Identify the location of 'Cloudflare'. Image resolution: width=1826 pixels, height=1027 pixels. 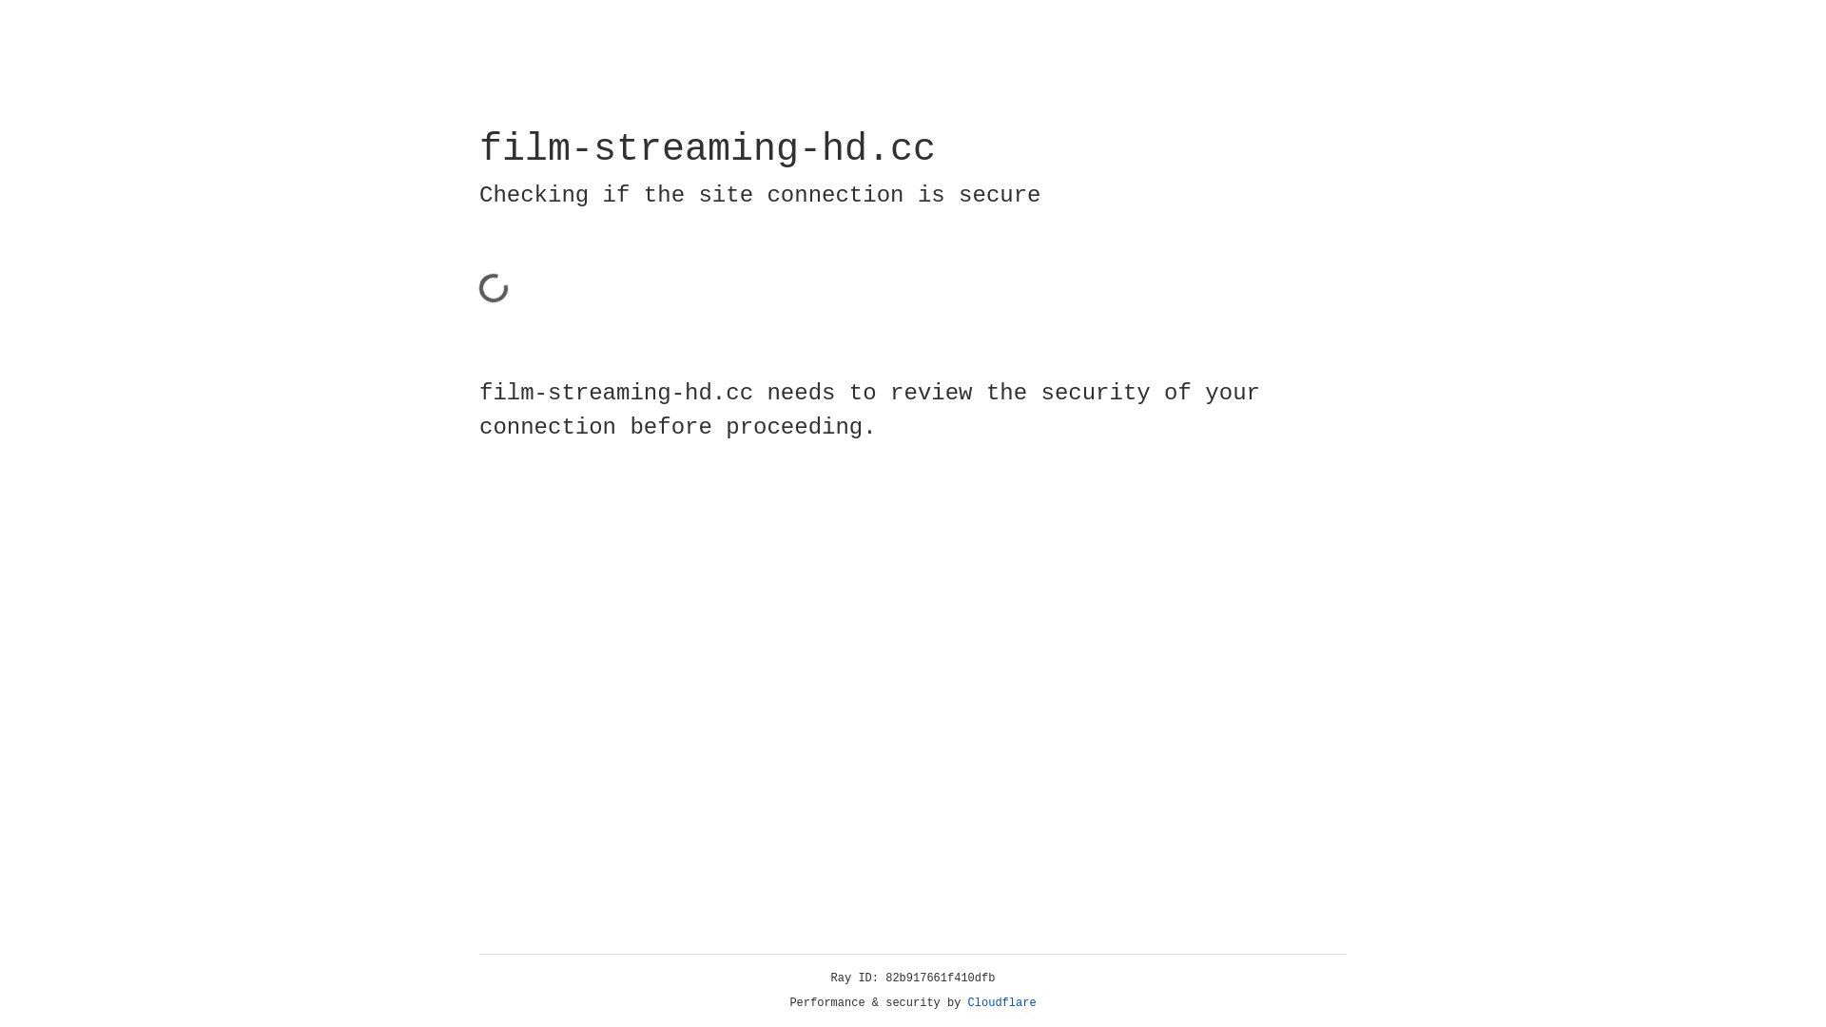
(1001, 1002).